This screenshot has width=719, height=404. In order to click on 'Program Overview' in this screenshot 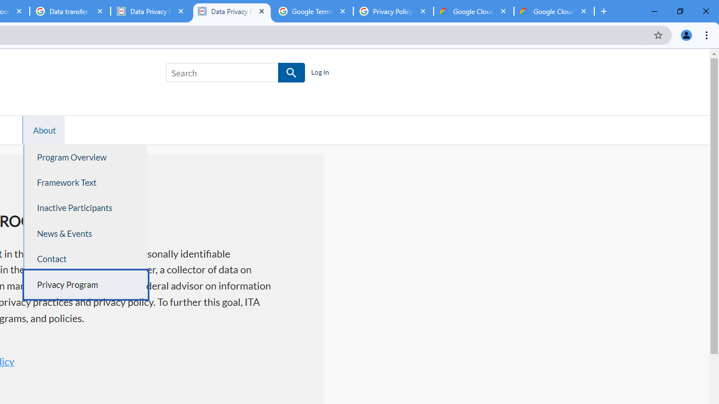, I will do `click(85, 157)`.